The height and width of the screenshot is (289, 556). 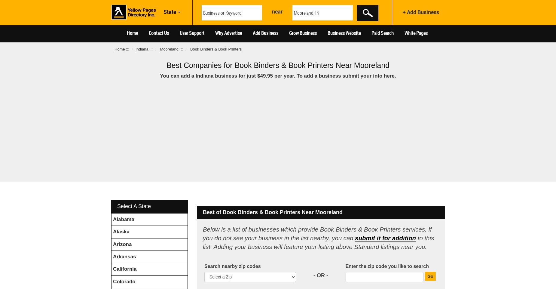 What do you see at coordinates (232, 266) in the screenshot?
I see `'Search nearby zip codes'` at bounding box center [232, 266].